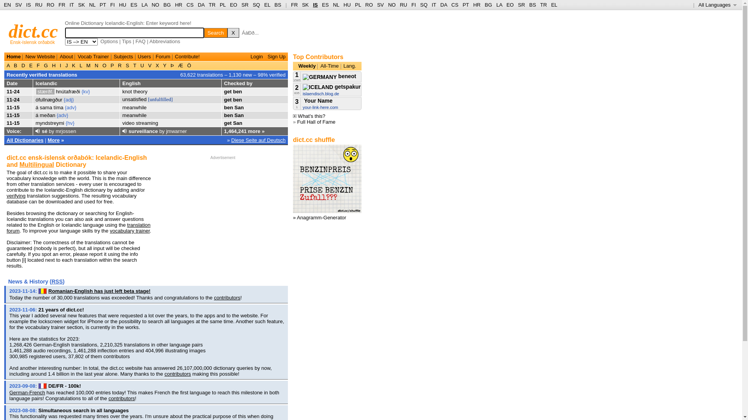 The height and width of the screenshot is (420, 748). What do you see at coordinates (297, 122) in the screenshot?
I see `'Full Hall of Fame'` at bounding box center [297, 122].